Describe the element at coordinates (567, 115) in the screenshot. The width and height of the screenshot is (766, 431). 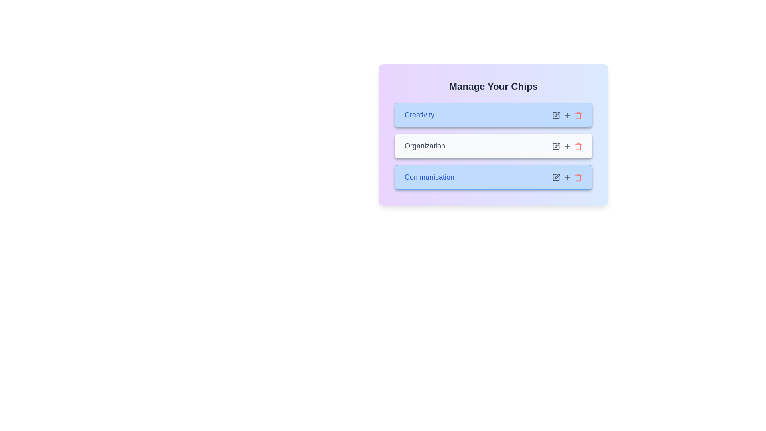
I see `add icon for the chip labeled 'Creativity'` at that location.